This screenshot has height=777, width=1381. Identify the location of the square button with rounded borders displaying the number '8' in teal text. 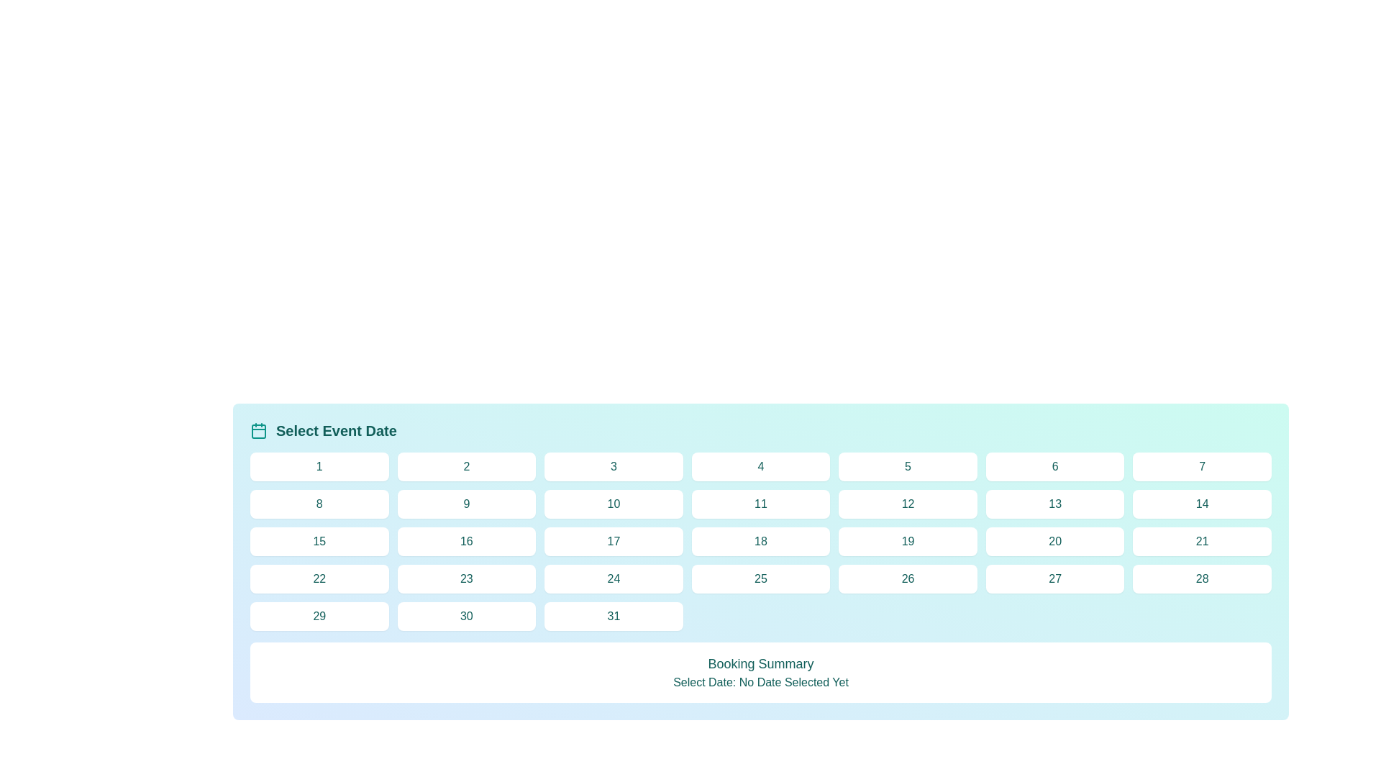
(319, 504).